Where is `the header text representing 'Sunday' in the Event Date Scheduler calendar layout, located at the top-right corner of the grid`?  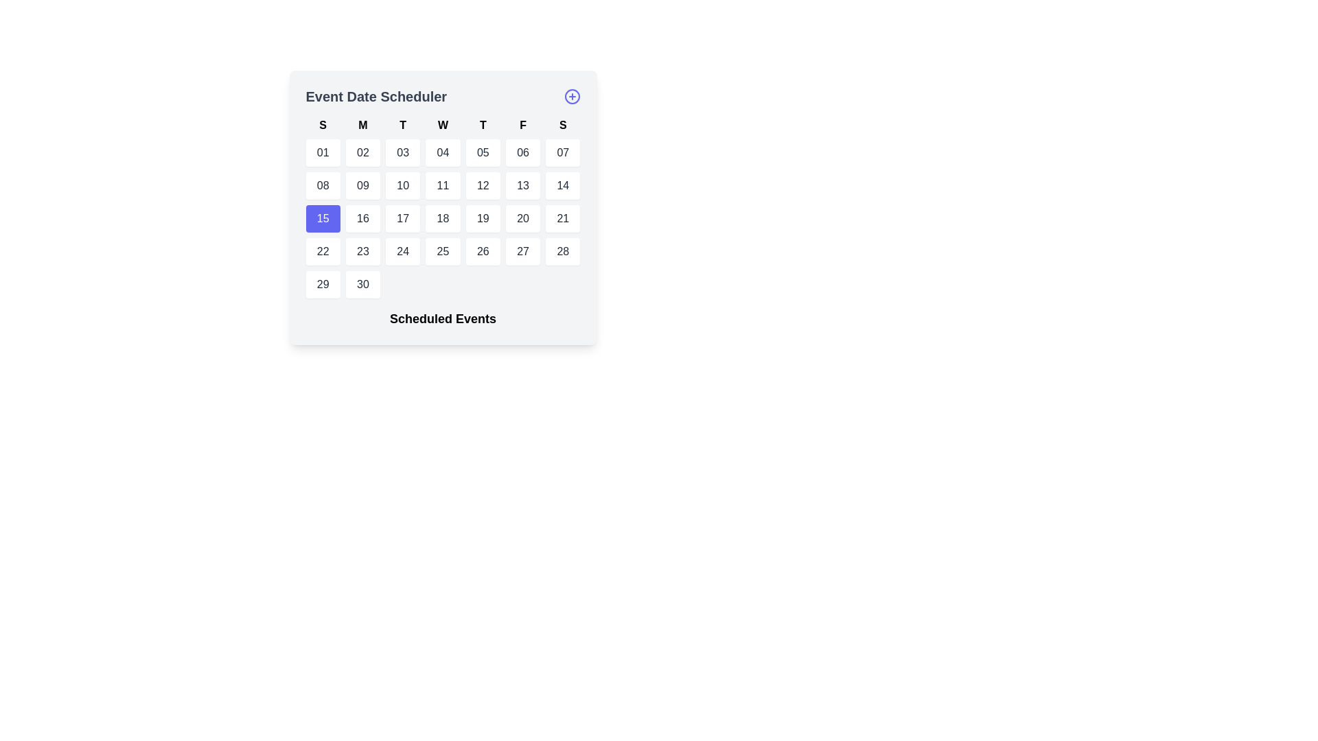 the header text representing 'Sunday' in the Event Date Scheduler calendar layout, located at the top-right corner of the grid is located at coordinates (563, 125).